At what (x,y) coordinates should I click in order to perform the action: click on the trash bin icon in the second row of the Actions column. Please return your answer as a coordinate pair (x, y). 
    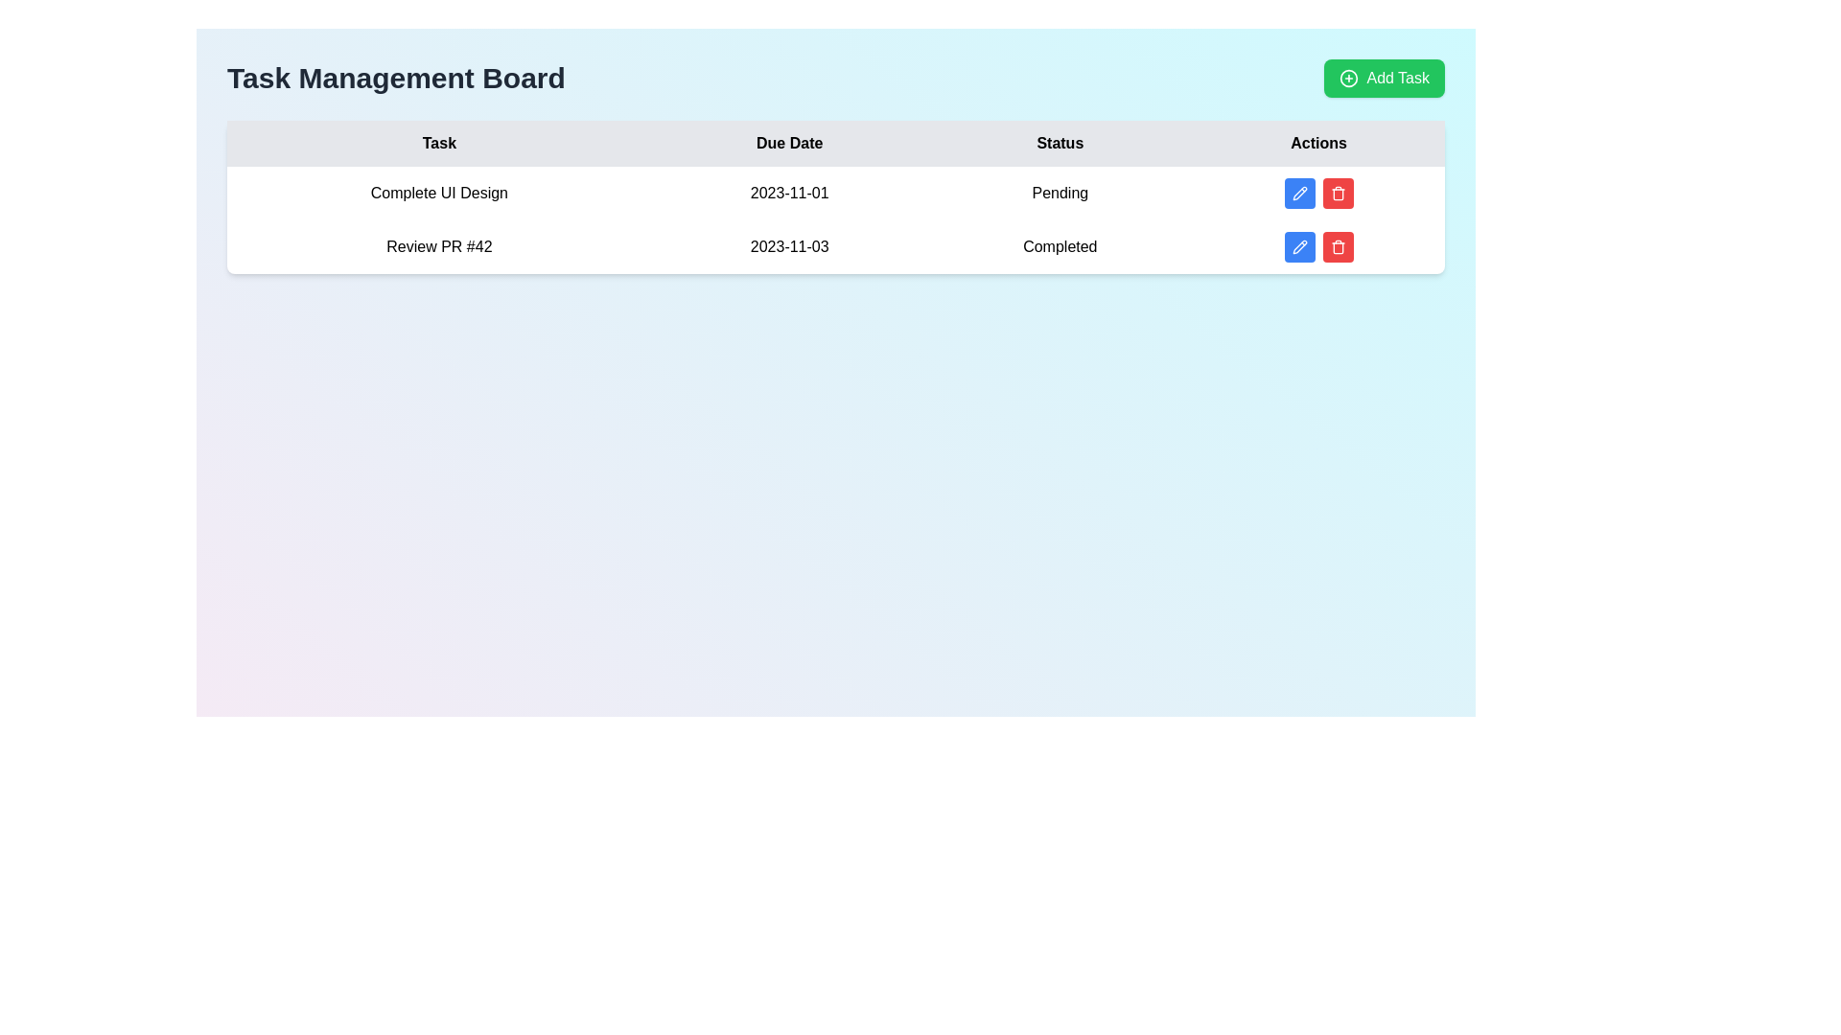
    Looking at the image, I should click on (1337, 195).